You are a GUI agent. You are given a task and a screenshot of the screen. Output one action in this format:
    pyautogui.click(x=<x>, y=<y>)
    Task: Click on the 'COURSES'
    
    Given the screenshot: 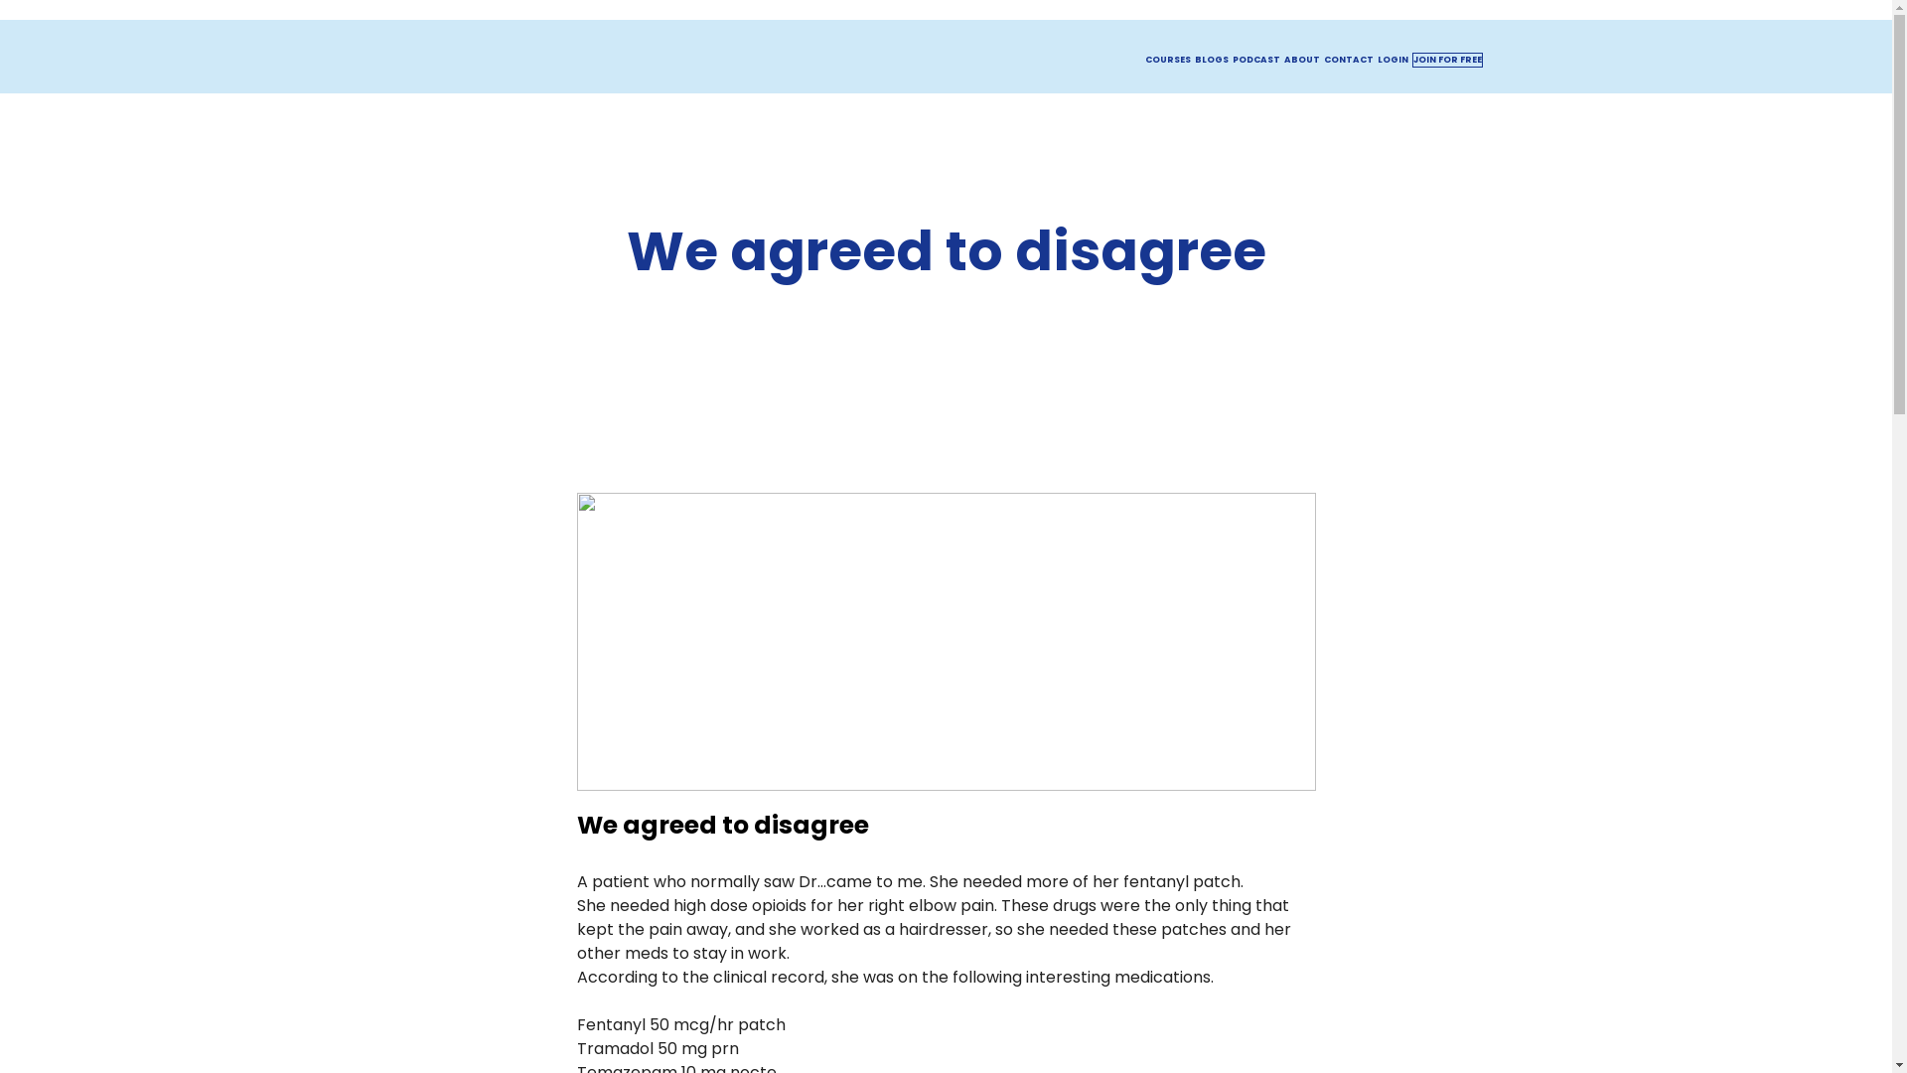 What is the action you would take?
    pyautogui.click(x=1167, y=59)
    